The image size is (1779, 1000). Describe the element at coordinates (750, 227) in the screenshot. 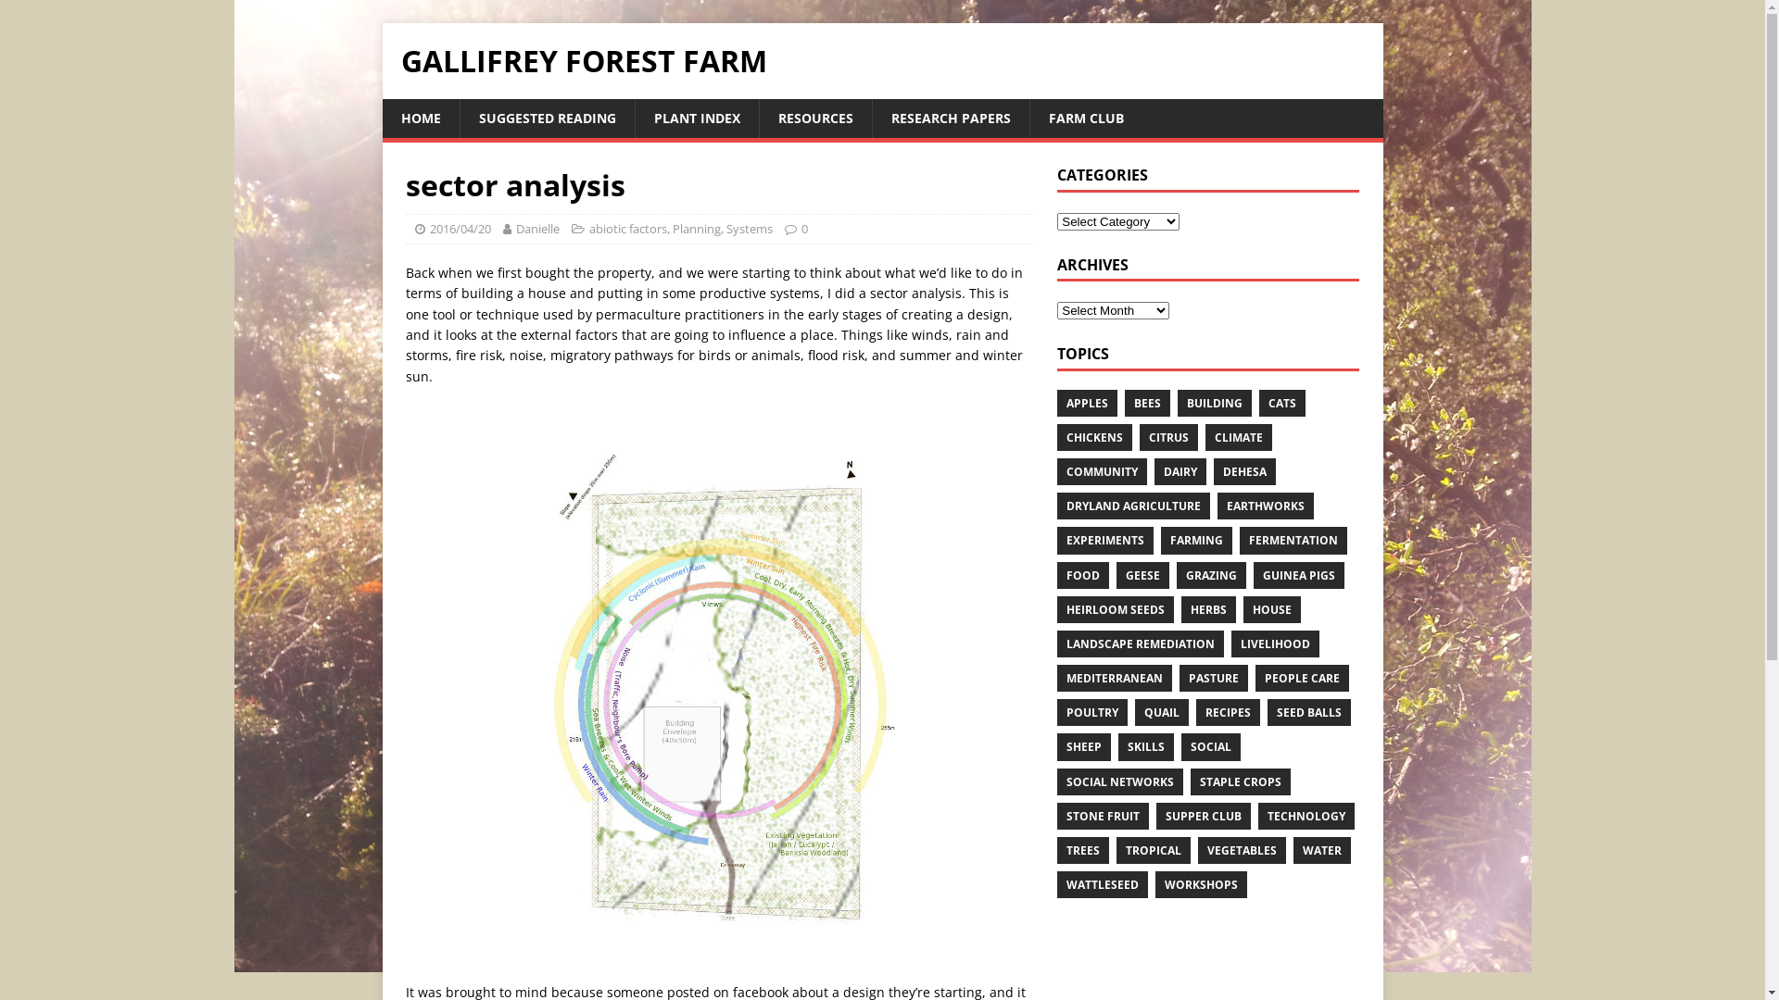

I see `'Systems'` at that location.